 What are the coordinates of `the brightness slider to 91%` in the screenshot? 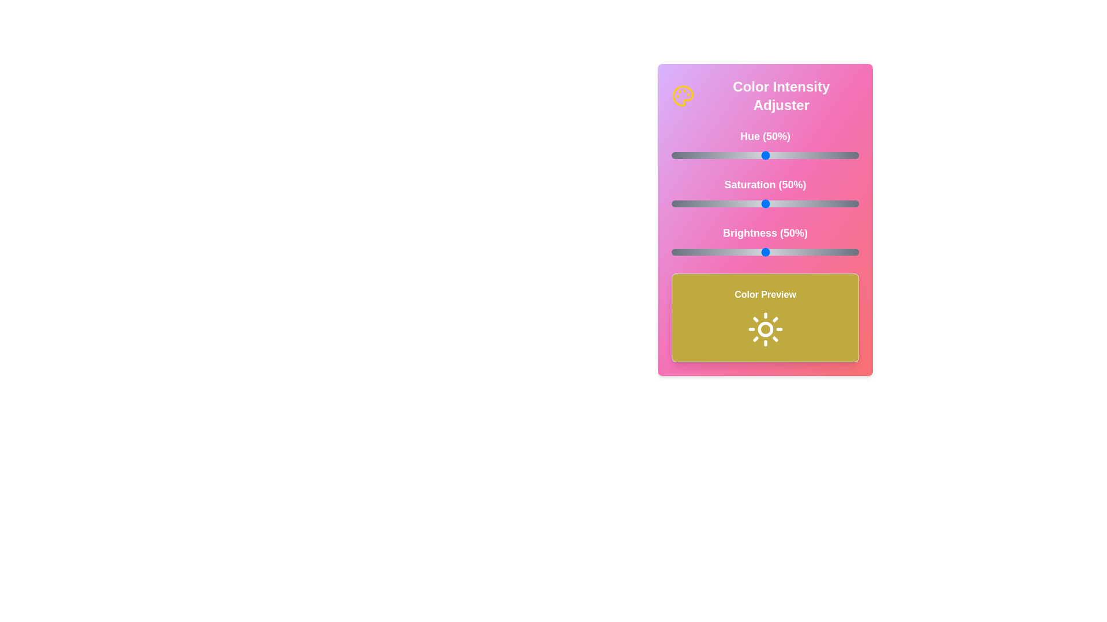 It's located at (842, 252).